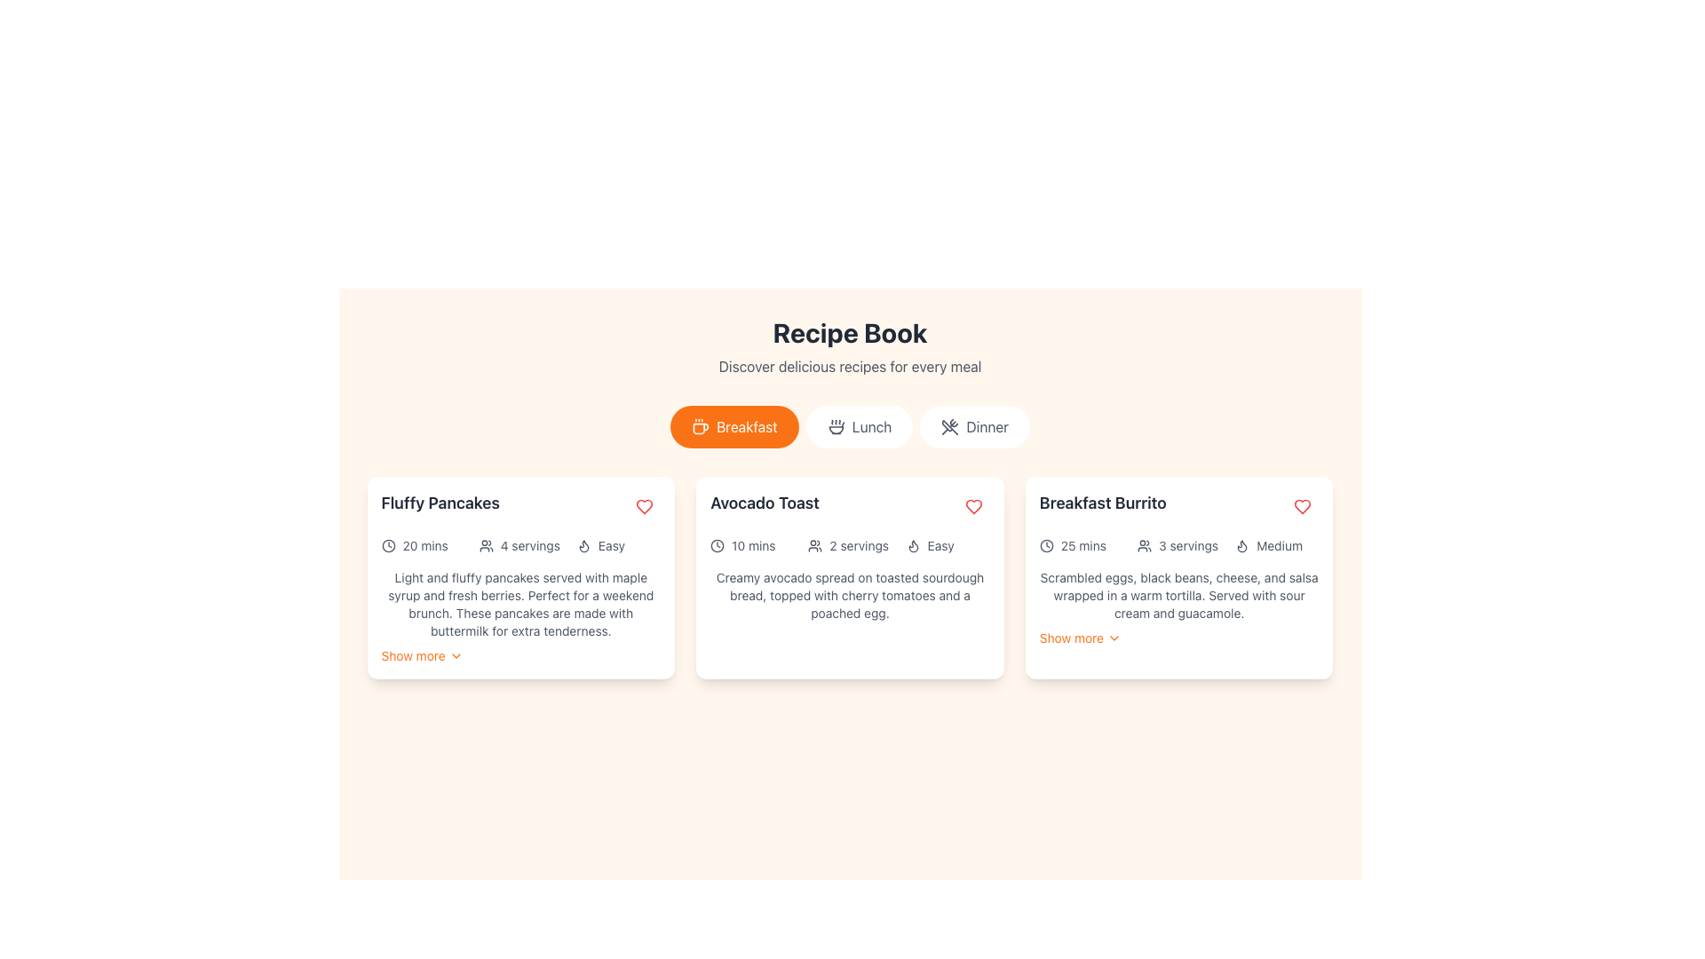  I want to click on the label displaying '4 servings' with user icons, positioned between '20 mins' and 'Easy' in the Fluffy Pancakes section, so click(519, 544).